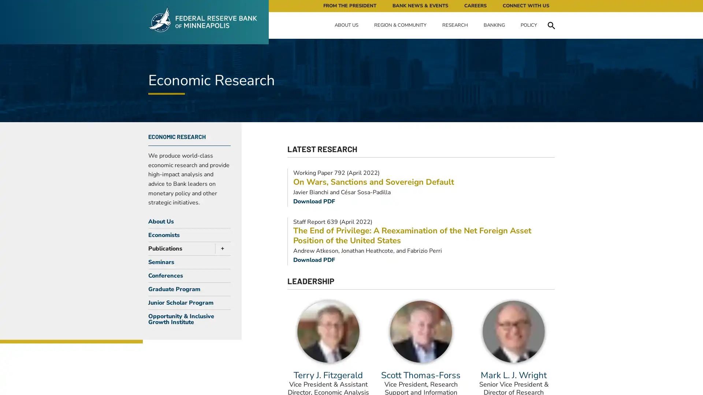 The image size is (703, 395). What do you see at coordinates (551, 25) in the screenshot?
I see `Toggle Search` at bounding box center [551, 25].